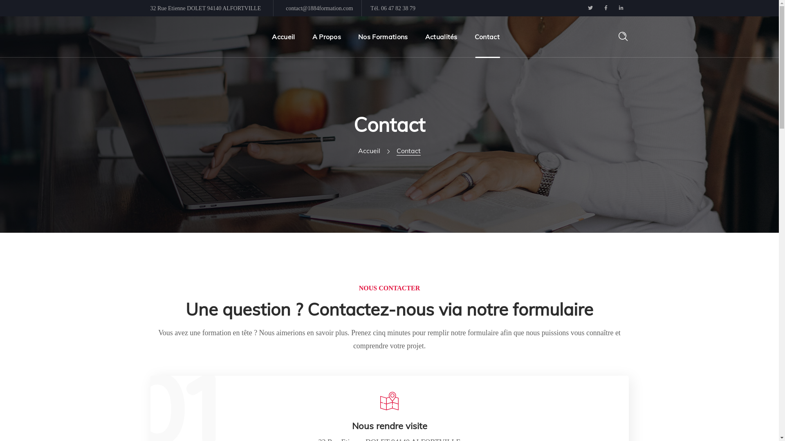 Image resolution: width=785 pixels, height=441 pixels. Describe the element at coordinates (263, 36) in the screenshot. I see `'Accueil'` at that location.